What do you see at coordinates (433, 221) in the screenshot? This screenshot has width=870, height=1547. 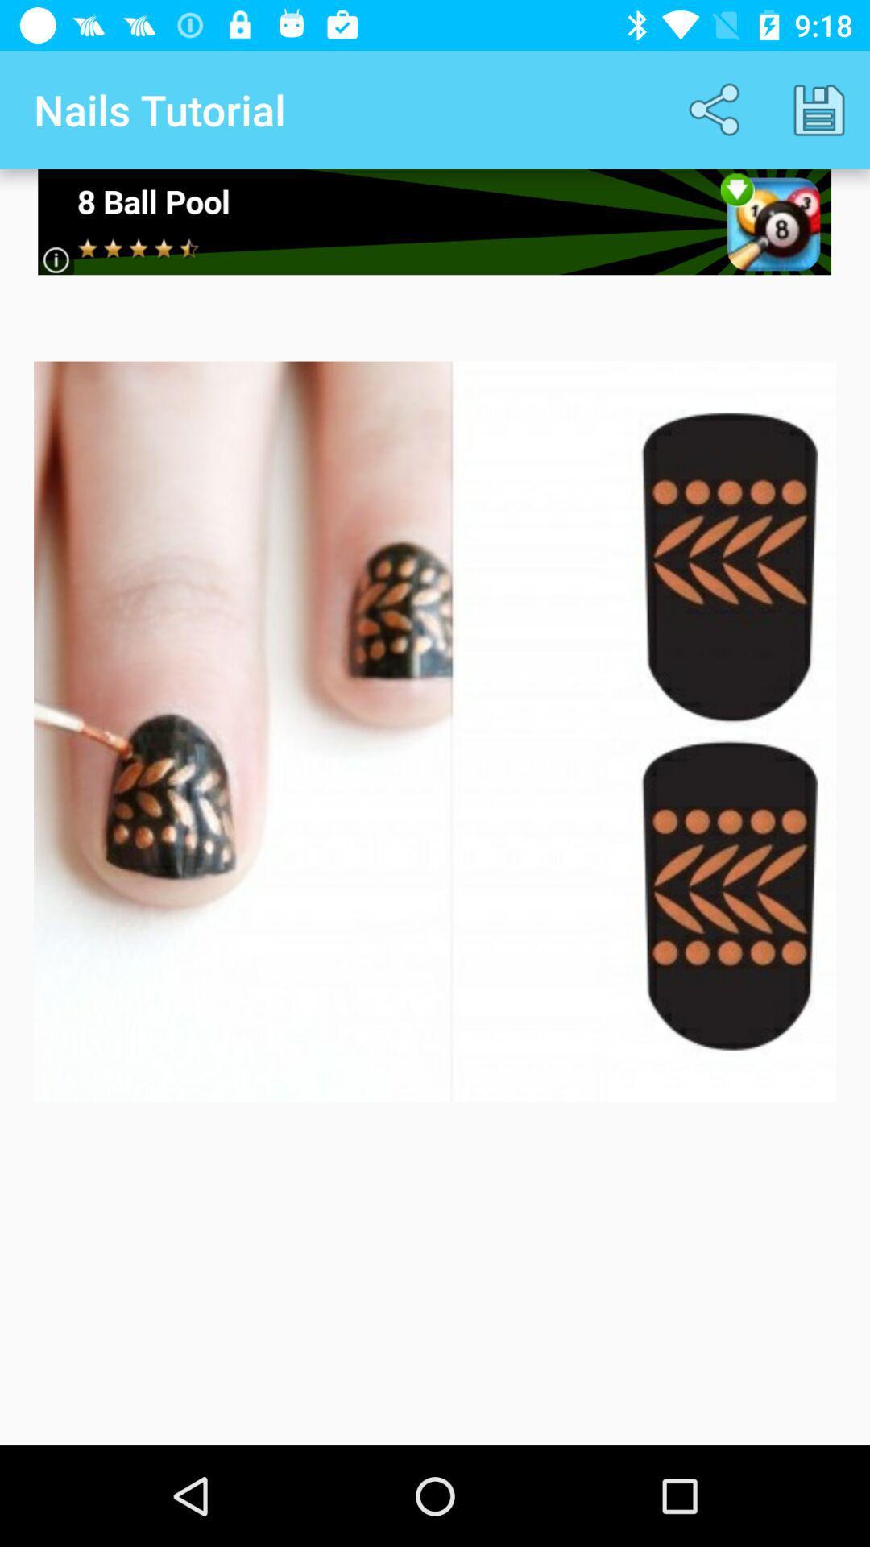 I see `see advertisement` at bounding box center [433, 221].